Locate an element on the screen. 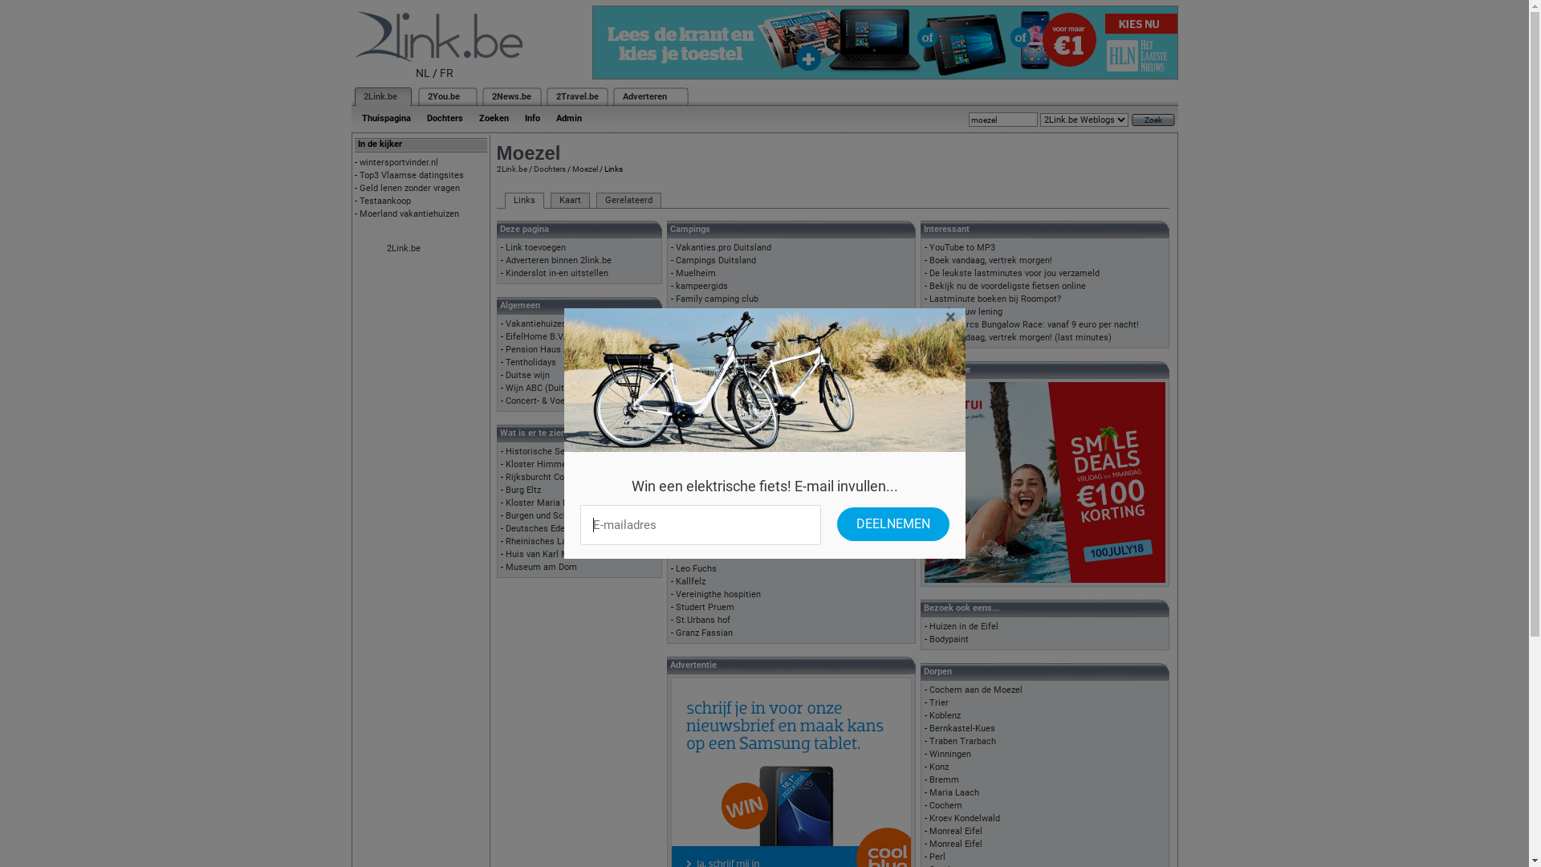  'Winningen' is located at coordinates (950, 754).